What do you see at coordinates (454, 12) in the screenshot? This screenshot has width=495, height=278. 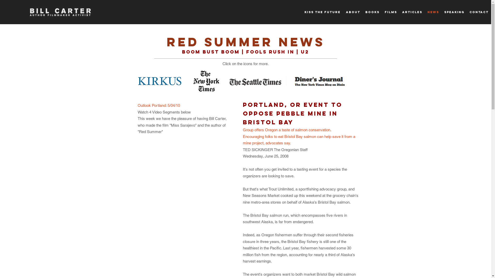 I see `'SPEAKING'` at bounding box center [454, 12].